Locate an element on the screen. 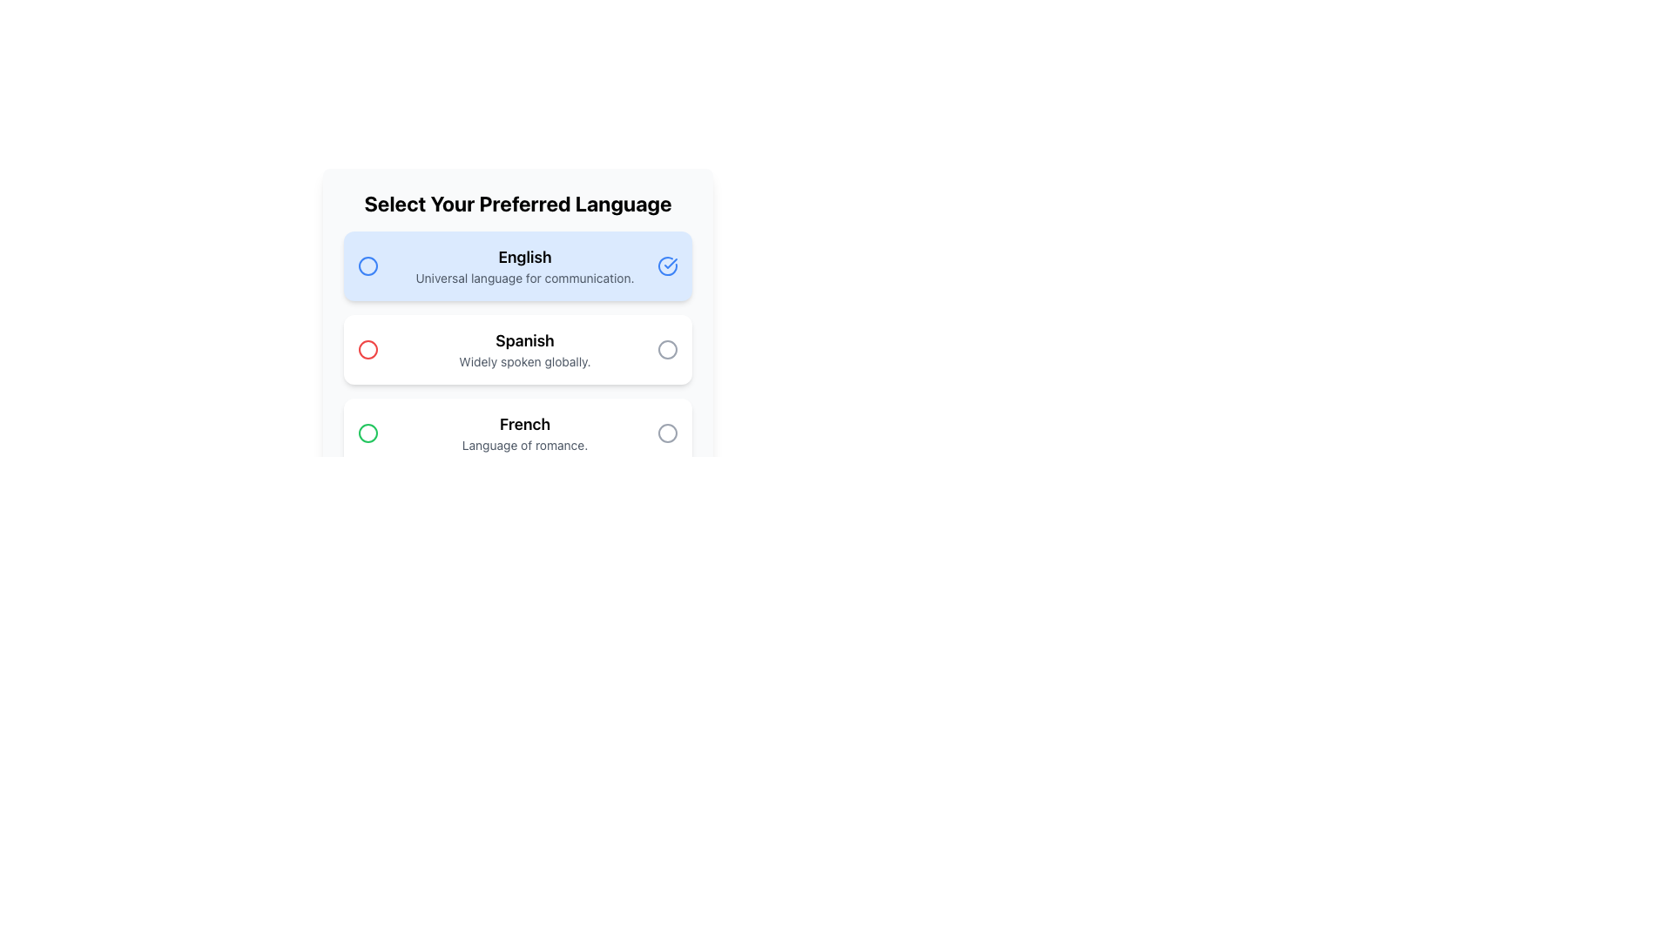 This screenshot has width=1672, height=940. the symbolic icon located to the left of the text 'Spanish' and the description 'Widely spoken globally', which marks the item as selected or indicates its relevance is located at coordinates (367, 349).